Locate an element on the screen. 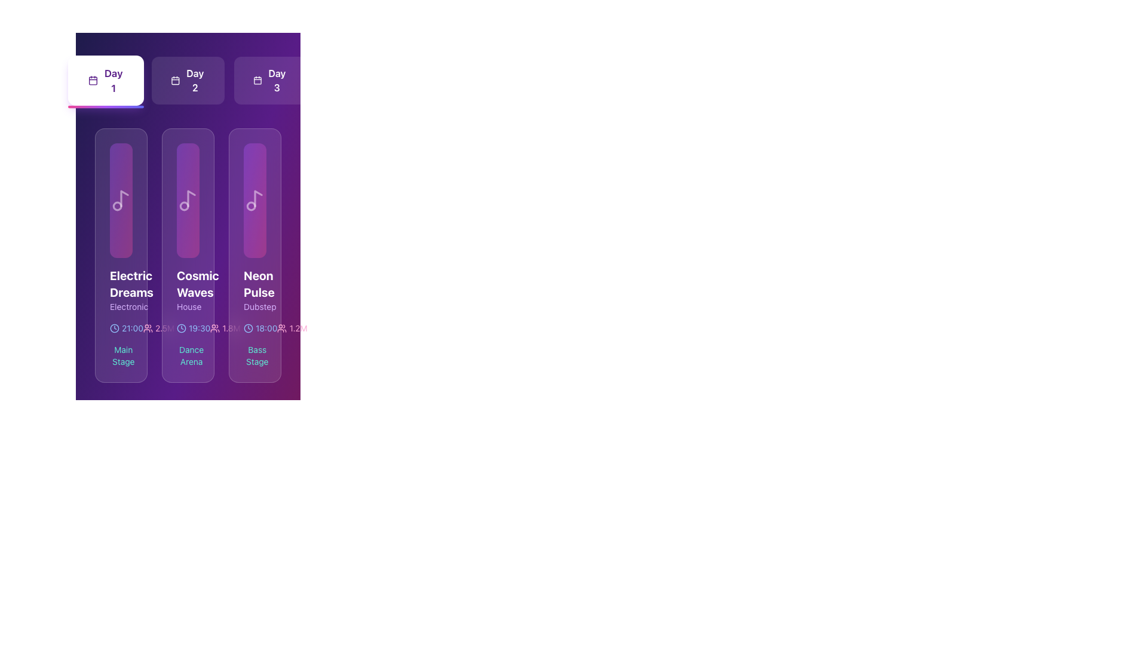 Image resolution: width=1147 pixels, height=645 pixels. the calendar icon, which is a compact SVG graphic with a dark outline, positioned to the left of the 'Day 2' label in the menu tab is located at coordinates (175, 81).